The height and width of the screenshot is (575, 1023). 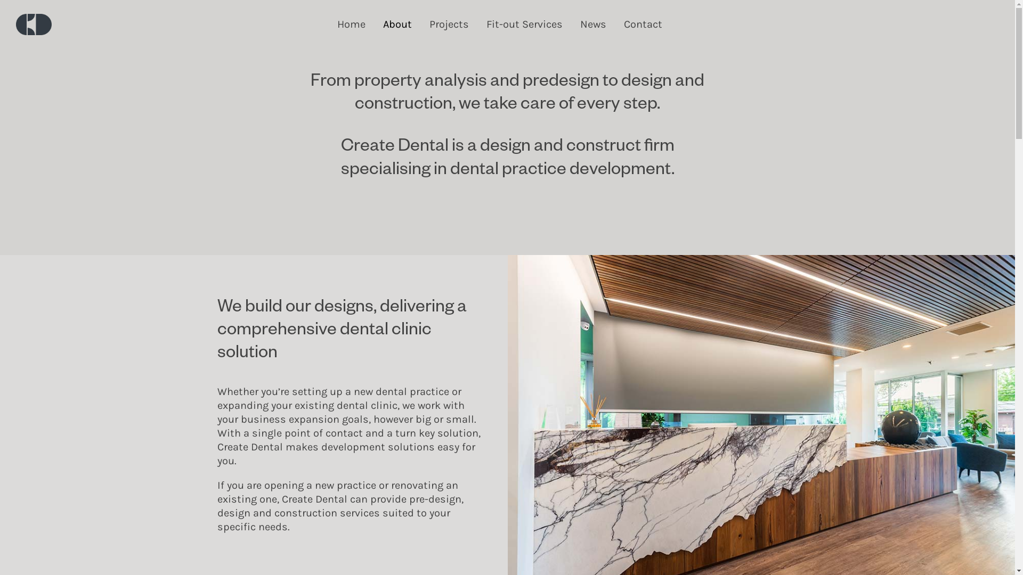 What do you see at coordinates (623, 24) in the screenshot?
I see `'Contact'` at bounding box center [623, 24].